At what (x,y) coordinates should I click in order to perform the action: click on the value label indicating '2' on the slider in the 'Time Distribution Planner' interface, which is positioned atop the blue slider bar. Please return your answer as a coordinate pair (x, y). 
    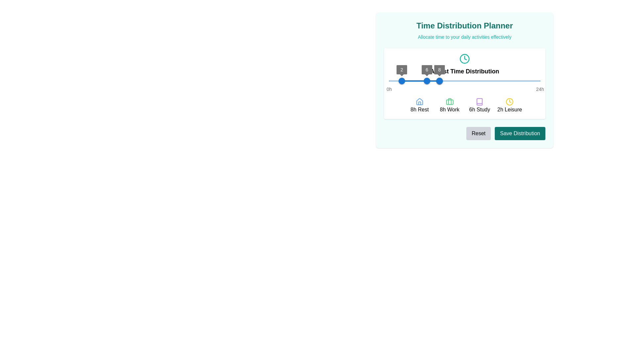
    Looking at the image, I should click on (401, 70).